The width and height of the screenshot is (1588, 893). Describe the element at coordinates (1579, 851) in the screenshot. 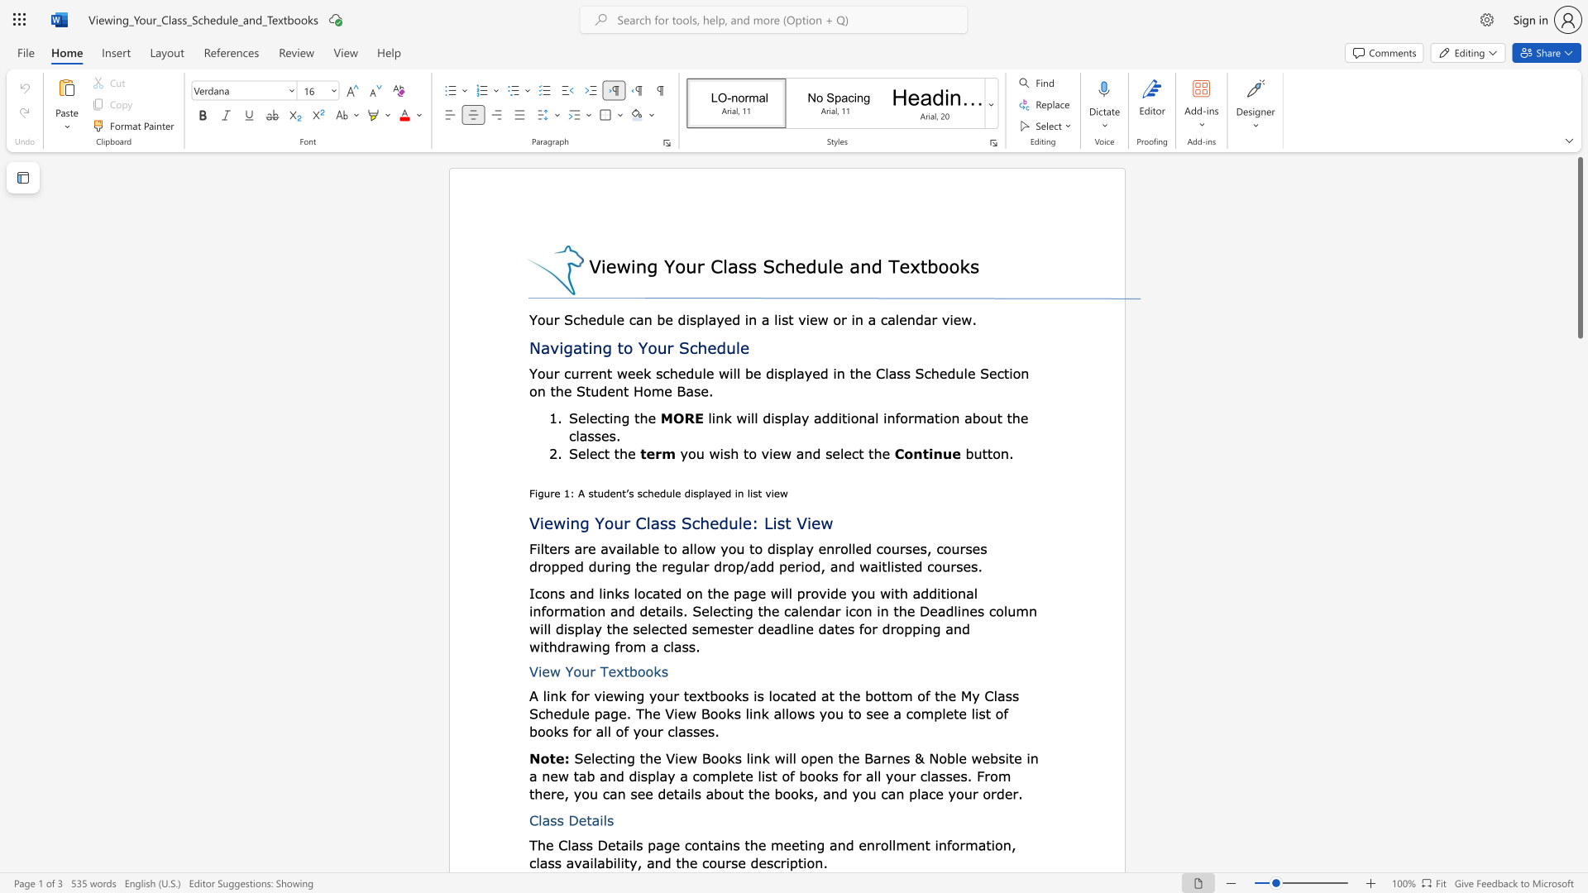

I see `the scrollbar to move the page downward` at that location.